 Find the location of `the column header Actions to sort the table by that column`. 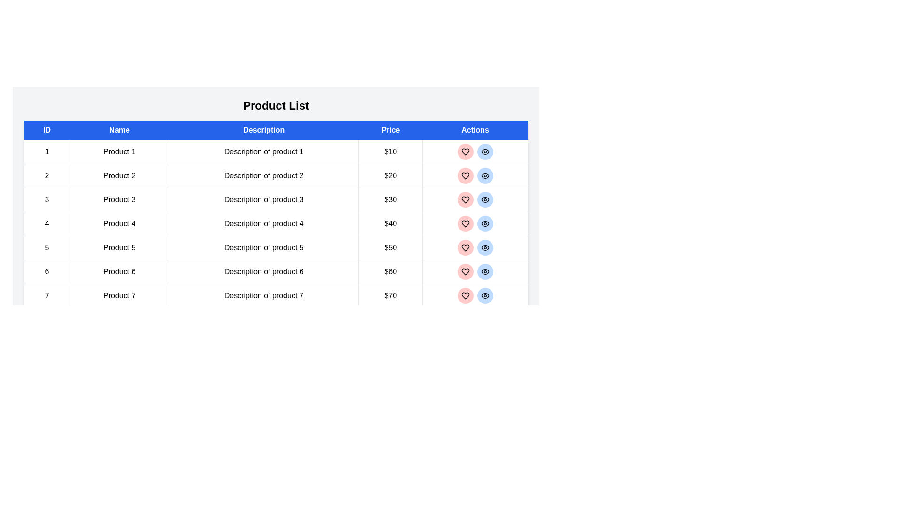

the column header Actions to sort the table by that column is located at coordinates (475, 130).